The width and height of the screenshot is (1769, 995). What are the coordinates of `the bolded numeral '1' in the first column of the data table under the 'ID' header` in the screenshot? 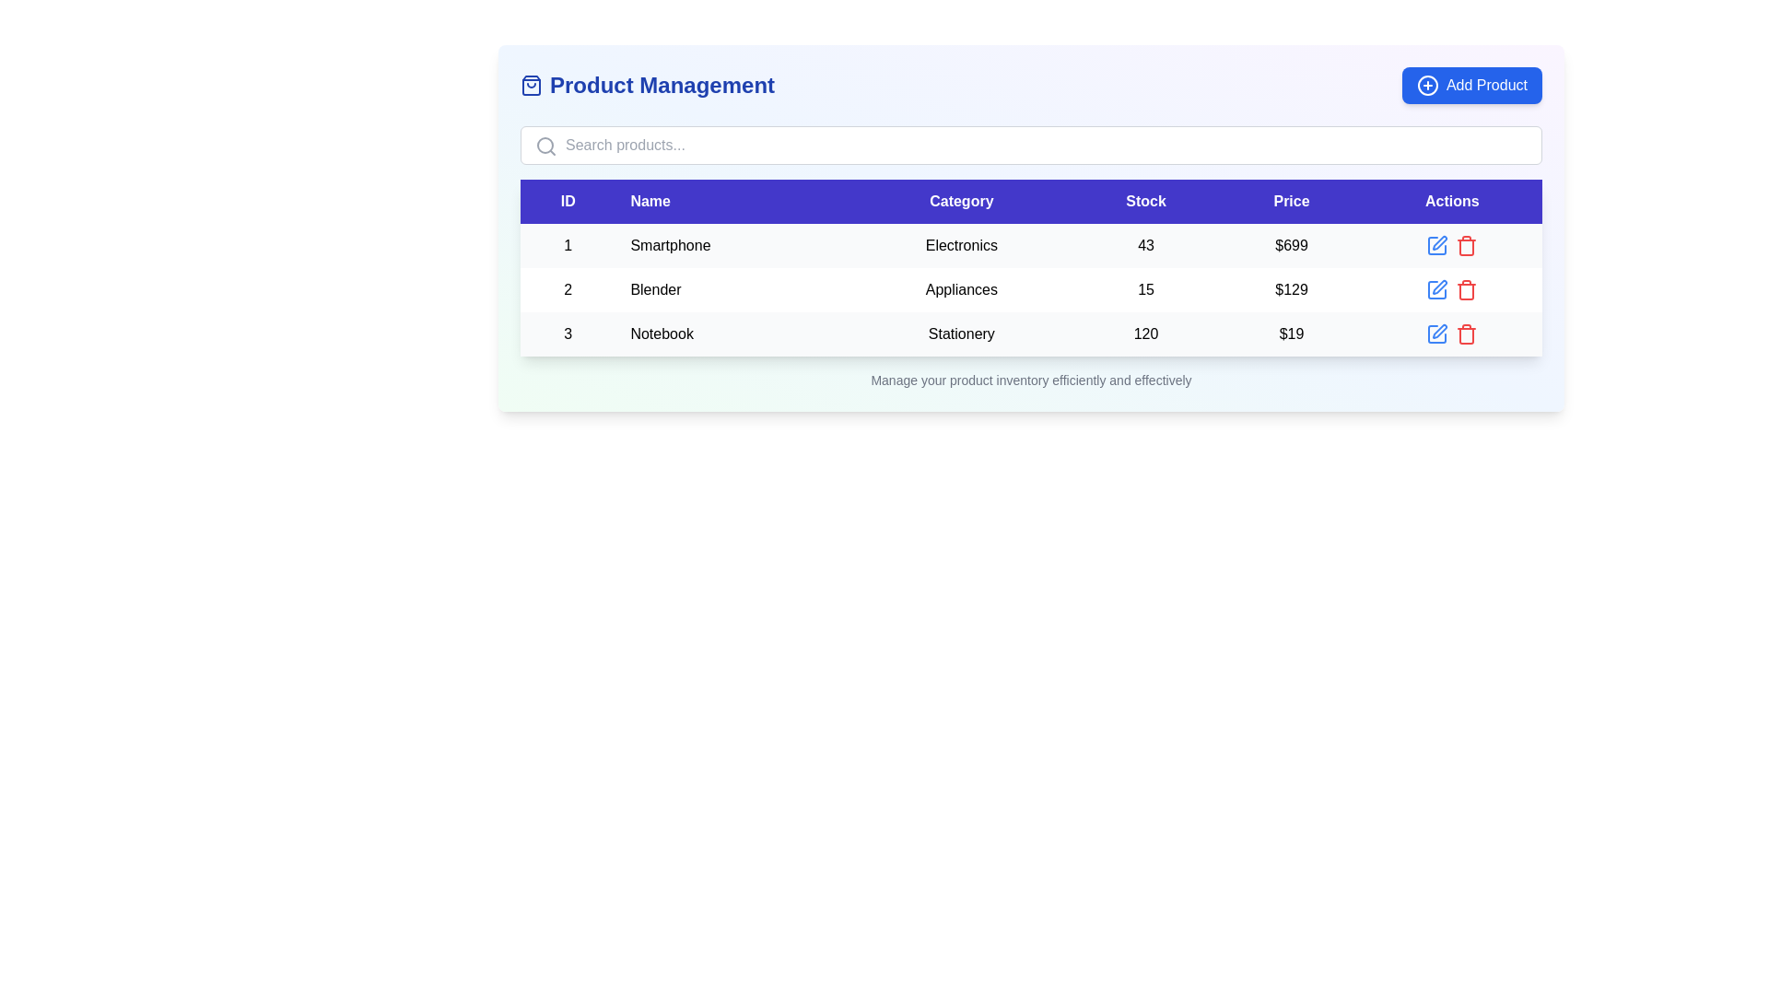 It's located at (567, 244).